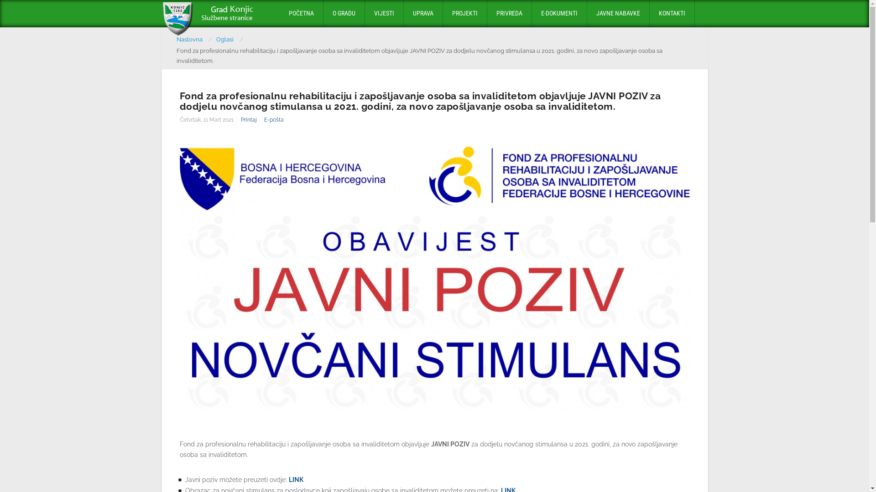  I want to click on 'UPRAVA', so click(402, 14).